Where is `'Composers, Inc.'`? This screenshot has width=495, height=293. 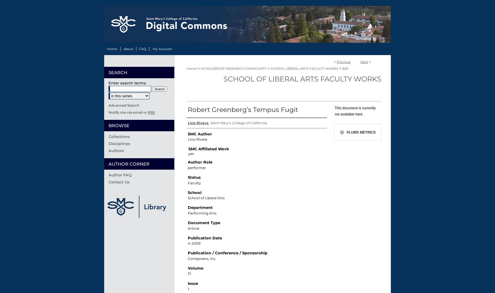 'Composers, Inc.' is located at coordinates (202, 258).